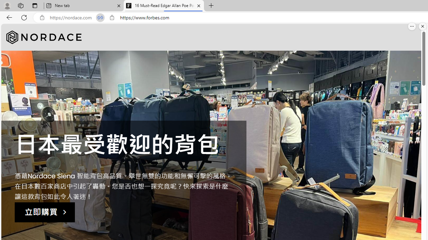 The image size is (428, 240). What do you see at coordinates (112, 17) in the screenshot?
I see `'View site information'` at bounding box center [112, 17].